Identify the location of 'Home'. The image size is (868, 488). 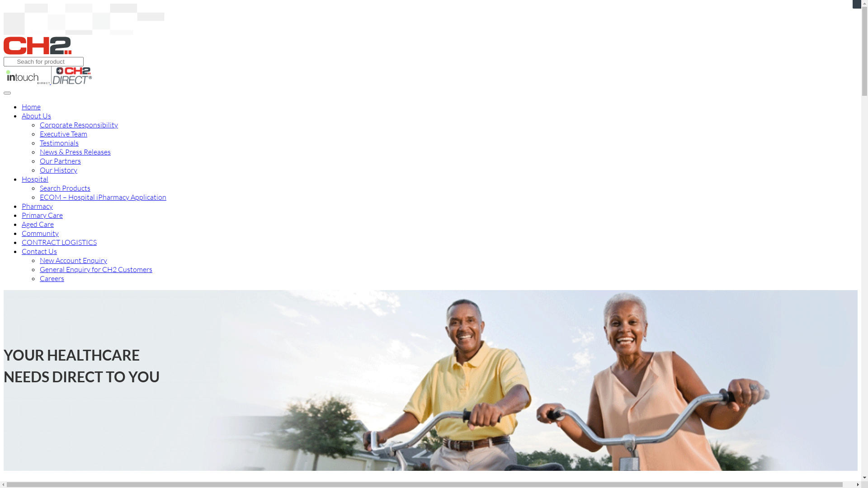
(31, 106).